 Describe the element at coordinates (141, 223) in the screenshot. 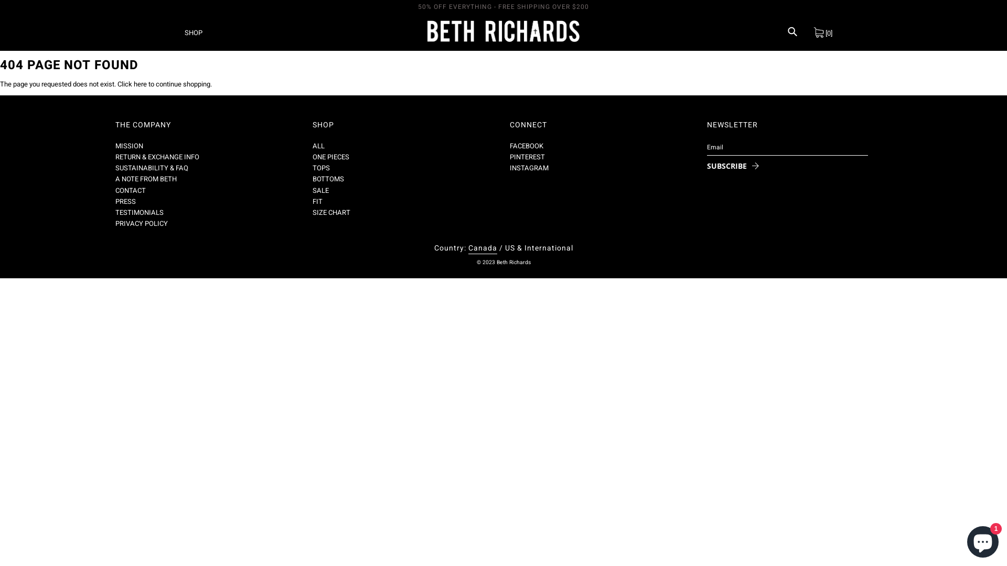

I see `'PRIVACY POLICY'` at that location.